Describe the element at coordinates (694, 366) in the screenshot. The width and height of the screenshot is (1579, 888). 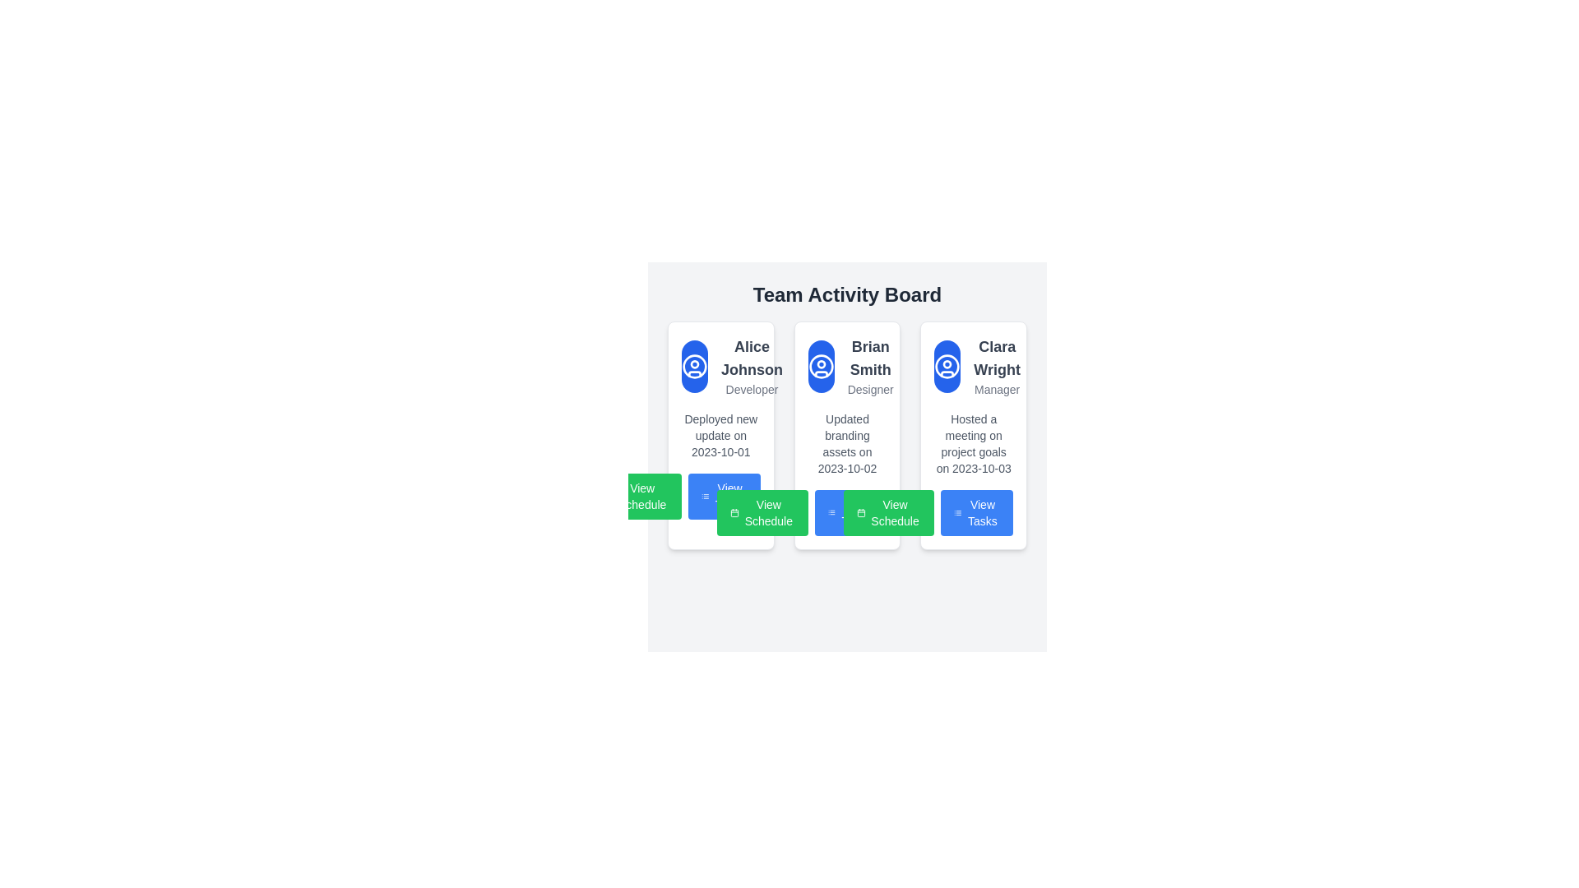
I see `the Profile Picture Icon` at that location.